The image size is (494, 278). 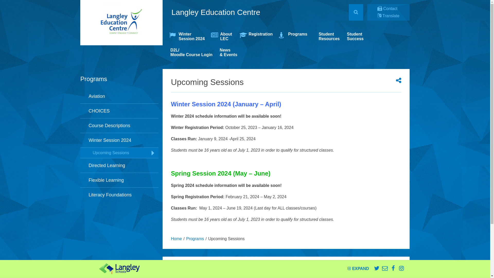 I want to click on 'Registration', so click(x=236, y=36).